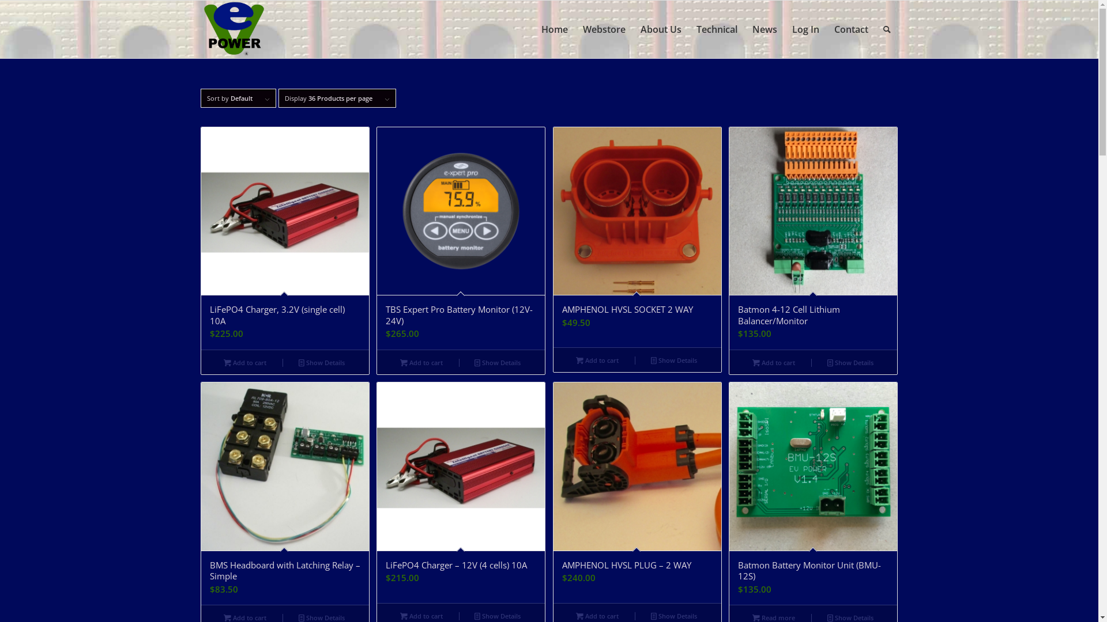 The image size is (1107, 622). I want to click on 'Home', so click(554, 28).